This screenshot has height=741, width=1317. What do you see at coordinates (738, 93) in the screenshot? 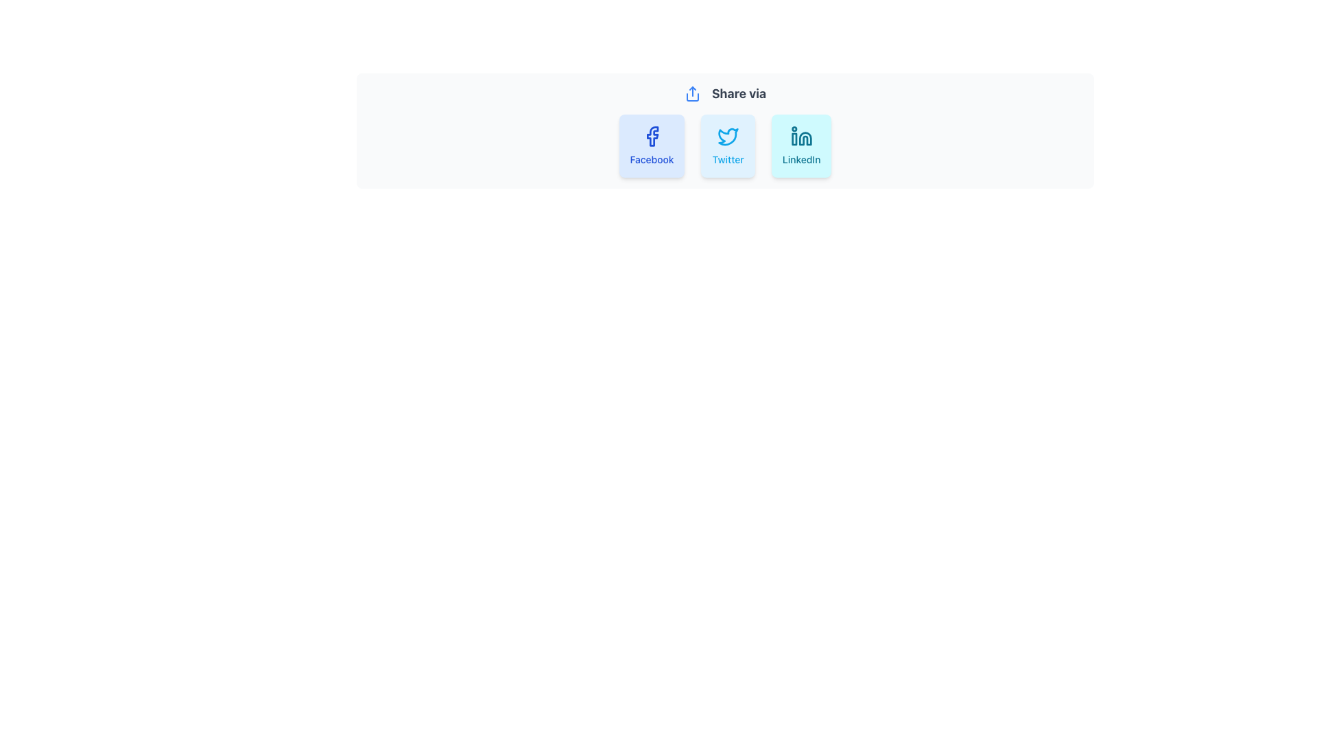
I see `the text label that indicates the purpose of the sharing section, positioned above the social media buttons and to the right of the share icon` at bounding box center [738, 93].